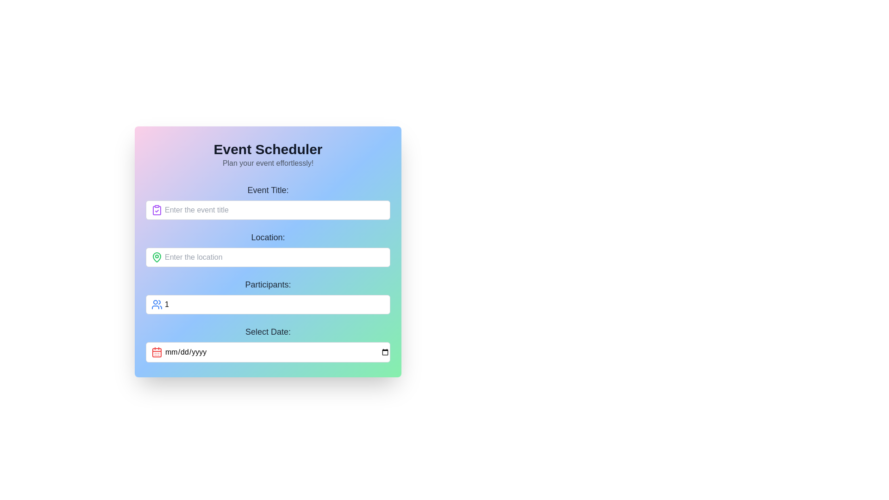  What do you see at coordinates (157, 210) in the screenshot?
I see `the clipboard icon with a checkmark, which is styled in purple and located to the left of the event title text input field` at bounding box center [157, 210].